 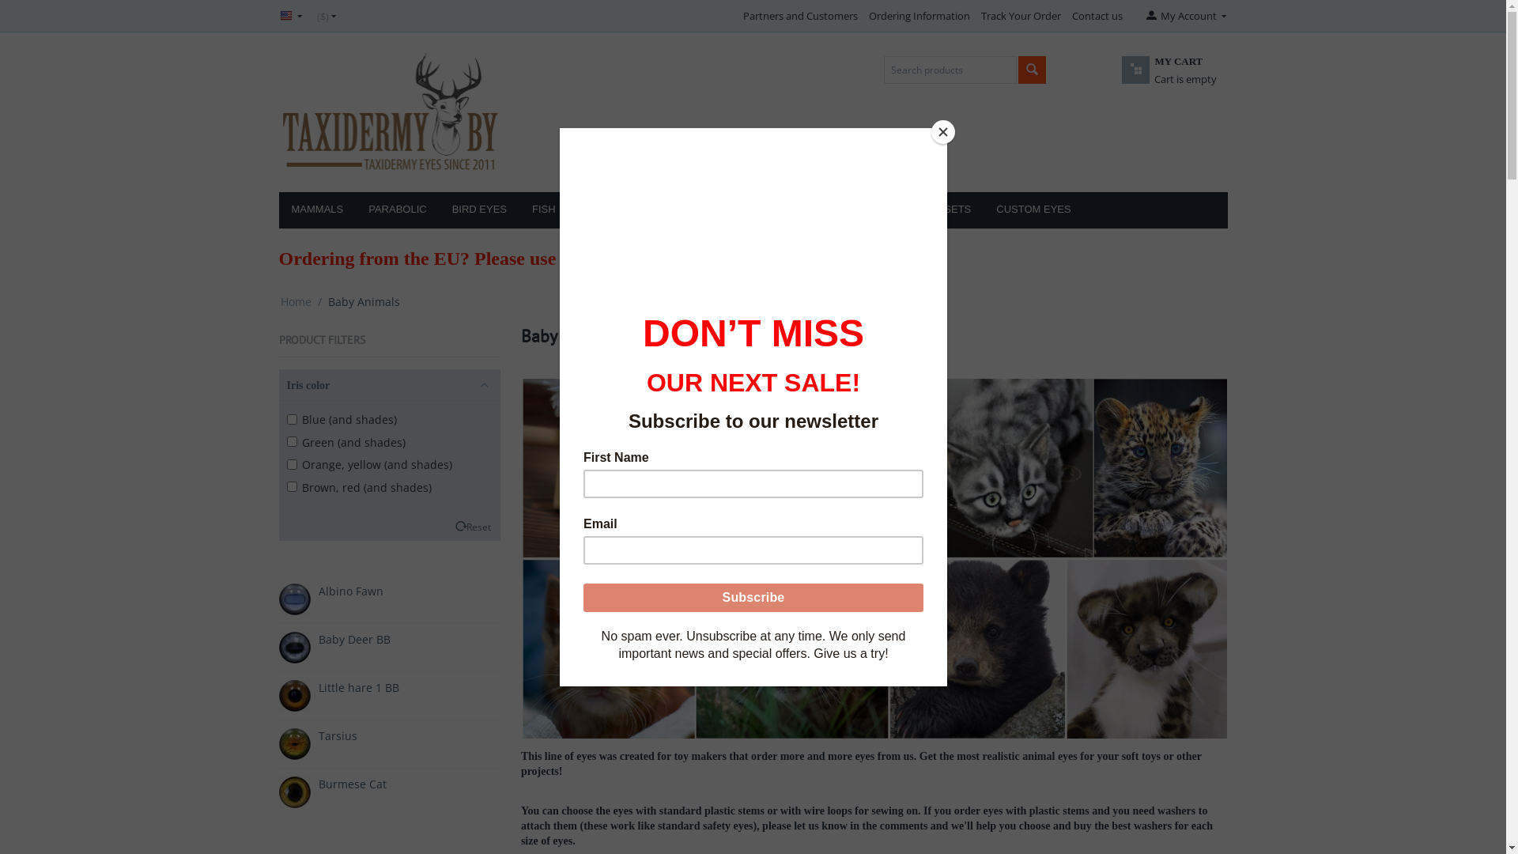 What do you see at coordinates (1150, 79) in the screenshot?
I see `'MY CART` at bounding box center [1150, 79].